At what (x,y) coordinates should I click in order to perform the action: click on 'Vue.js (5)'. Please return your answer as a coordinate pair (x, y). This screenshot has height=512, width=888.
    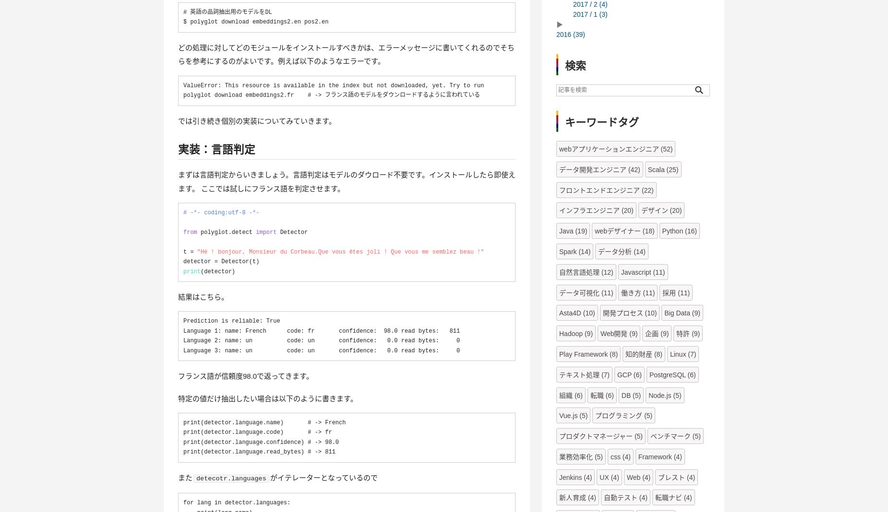
    Looking at the image, I should click on (573, 415).